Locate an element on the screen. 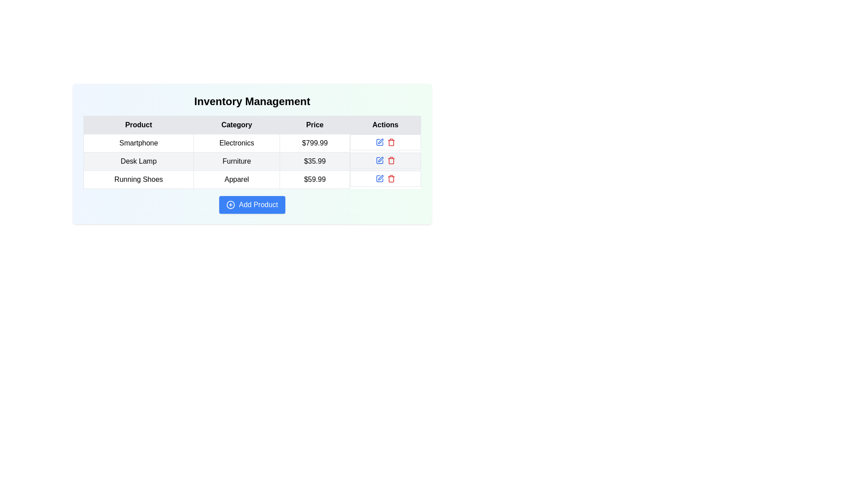 Image resolution: width=852 pixels, height=479 pixels. text content of the 'Electronics' label in the second cell of the row for the product 'Smartphone' under the 'Category' column is located at coordinates (237, 143).